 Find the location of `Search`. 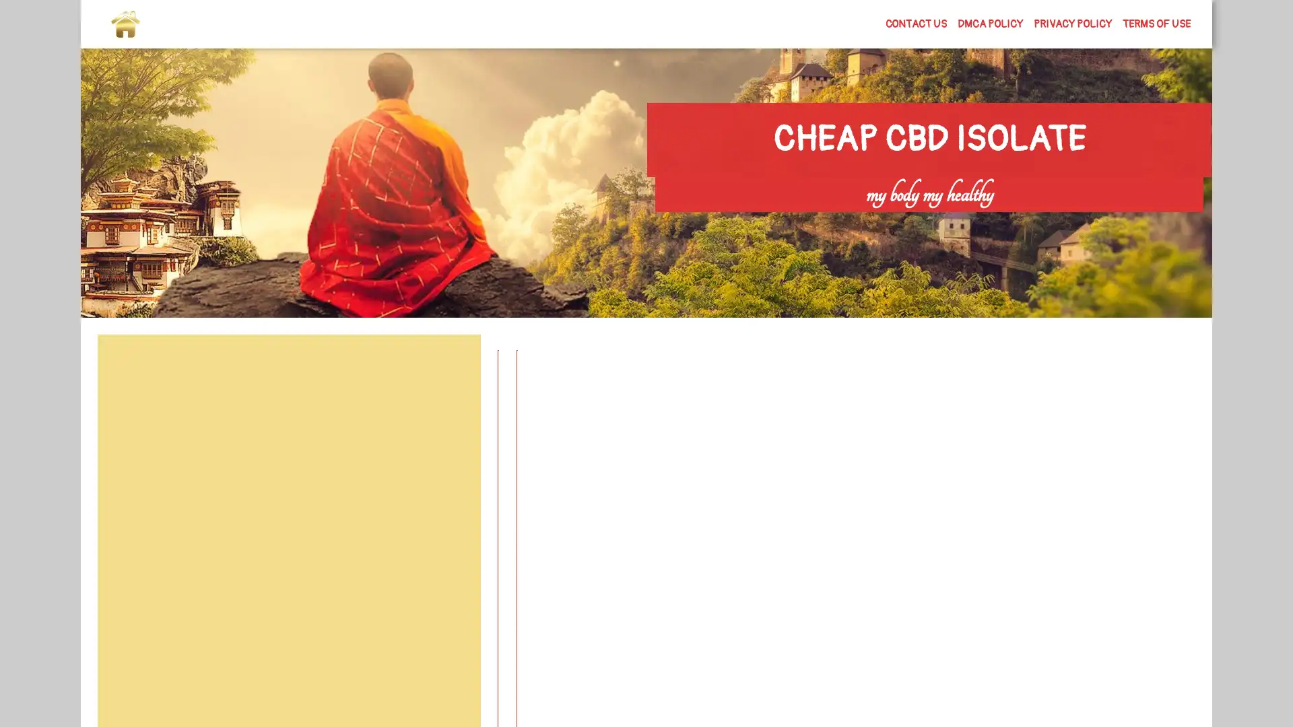

Search is located at coordinates (449, 367).